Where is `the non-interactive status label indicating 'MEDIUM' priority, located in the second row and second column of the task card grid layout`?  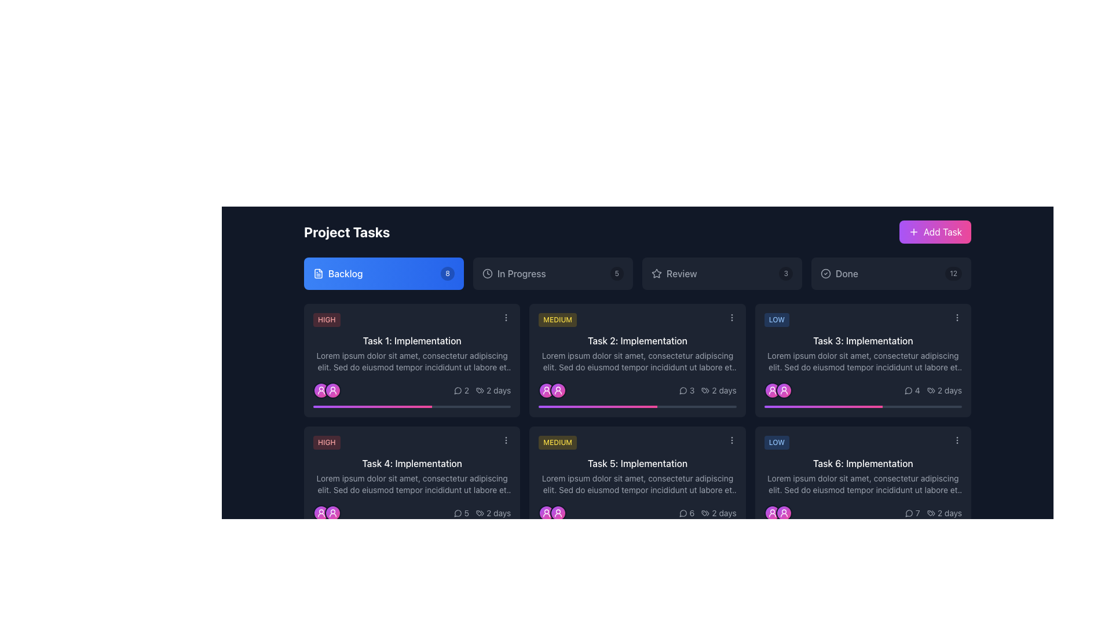
the non-interactive status label indicating 'MEDIUM' priority, located in the second row and second column of the task card grid layout is located at coordinates (558, 442).